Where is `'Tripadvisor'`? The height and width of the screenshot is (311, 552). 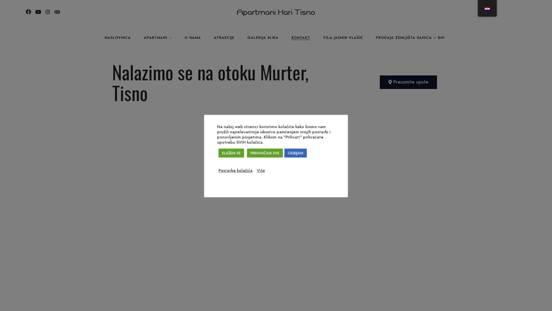
'Tripadvisor' is located at coordinates (54, 12).